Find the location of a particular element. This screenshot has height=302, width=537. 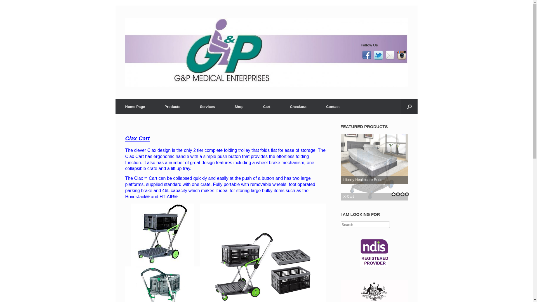

'Shop' is located at coordinates (239, 107).